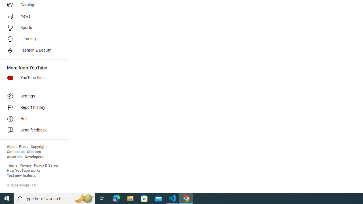 The image size is (363, 204). I want to click on 'Settings', so click(32, 96).